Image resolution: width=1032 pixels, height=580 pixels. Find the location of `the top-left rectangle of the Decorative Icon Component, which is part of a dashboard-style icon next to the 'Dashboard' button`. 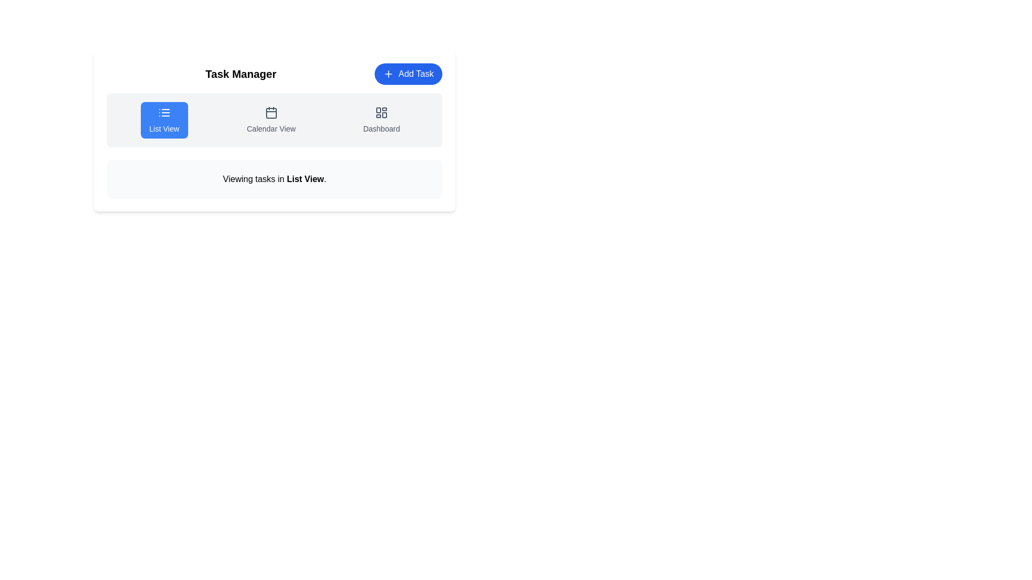

the top-left rectangle of the Decorative Icon Component, which is part of a dashboard-style icon next to the 'Dashboard' button is located at coordinates (378, 110).